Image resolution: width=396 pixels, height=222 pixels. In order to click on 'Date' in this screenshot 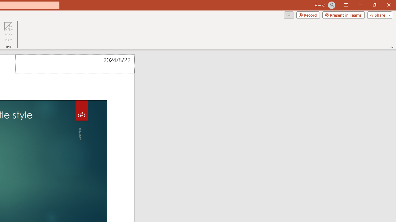, I will do `click(75, 64)`.